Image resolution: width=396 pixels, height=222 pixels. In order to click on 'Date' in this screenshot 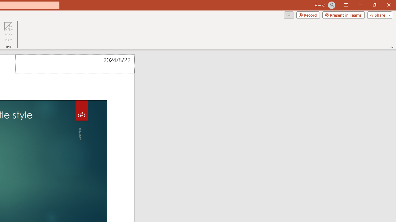, I will do `click(75, 64)`.